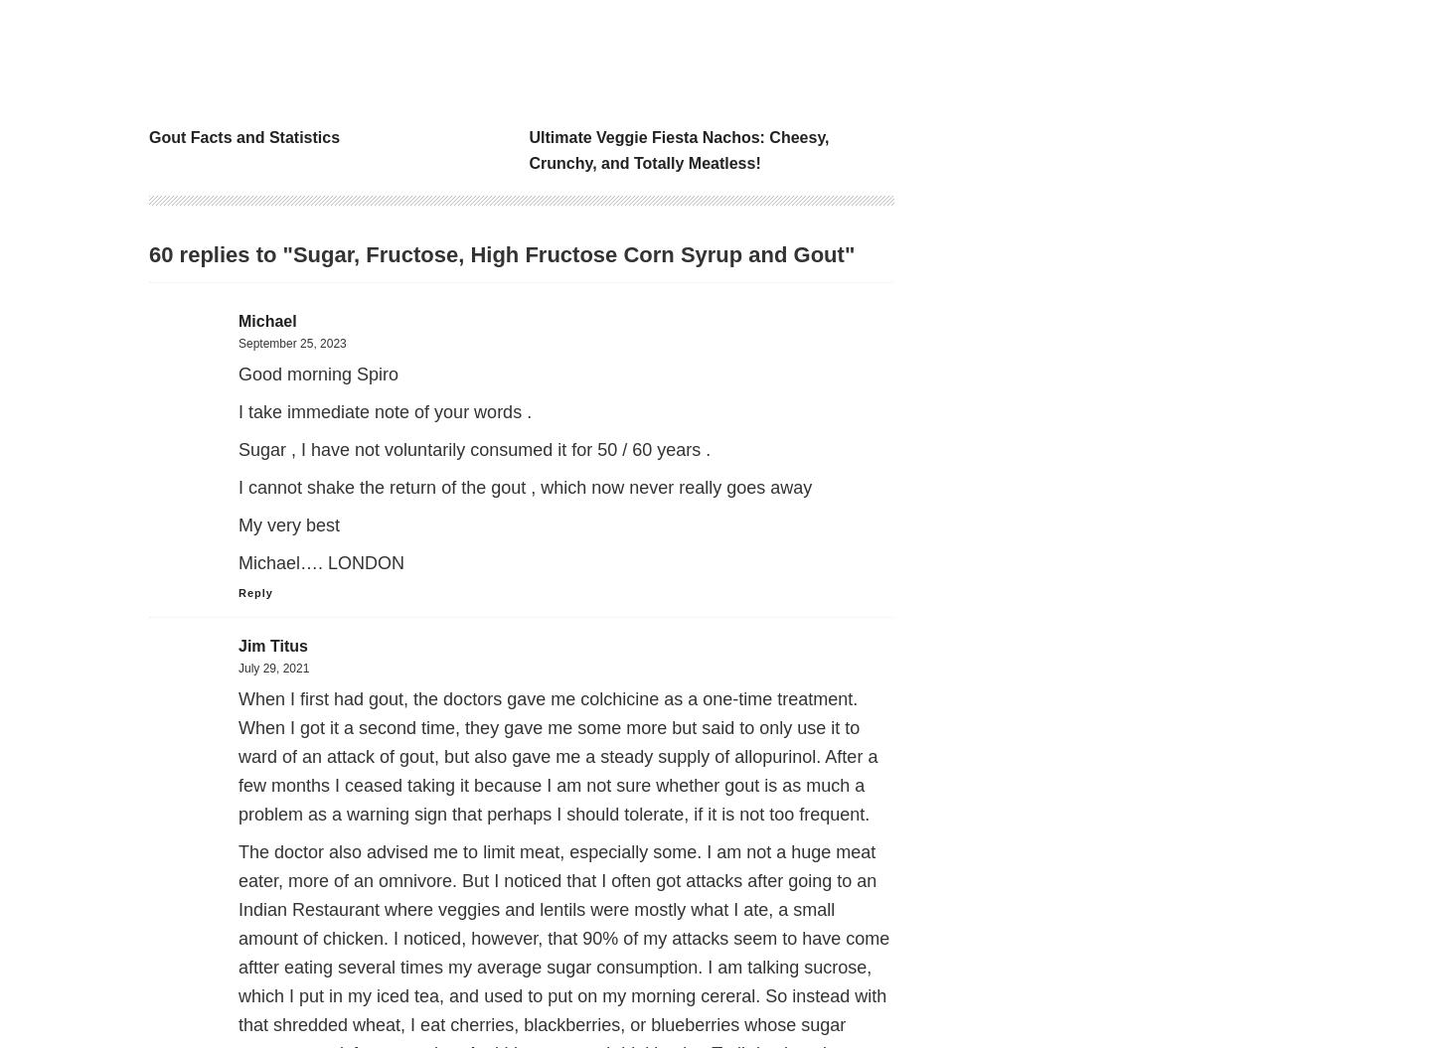 The height and width of the screenshot is (1048, 1431). What do you see at coordinates (238, 374) in the screenshot?
I see `'Good morning Spiro'` at bounding box center [238, 374].